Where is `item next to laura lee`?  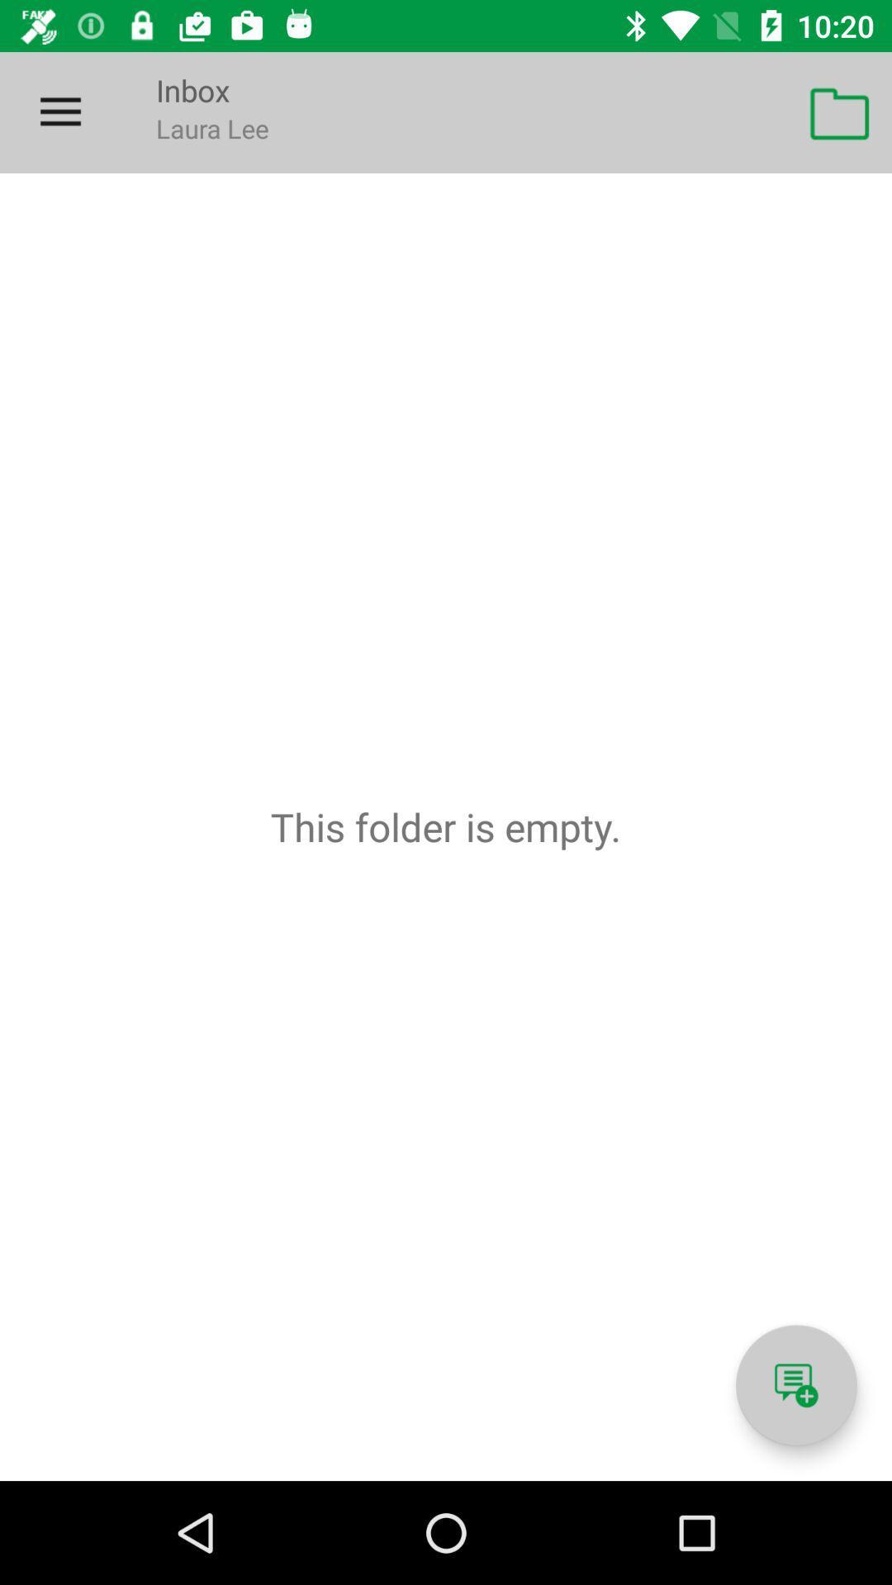 item next to laura lee is located at coordinates (840, 111).